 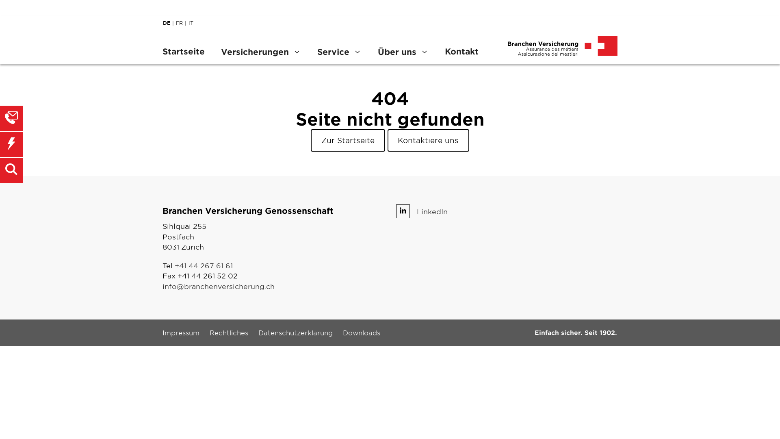 I want to click on 'info@branchenversicherung.ch', so click(x=218, y=285).